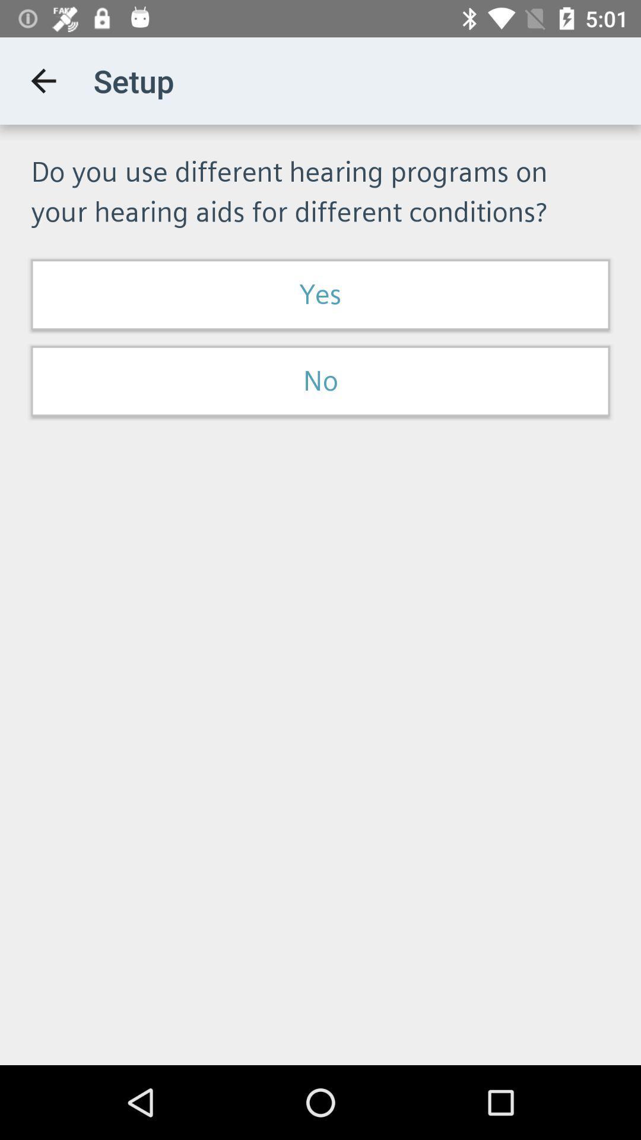 Image resolution: width=641 pixels, height=1140 pixels. I want to click on item below the yes item, so click(320, 381).